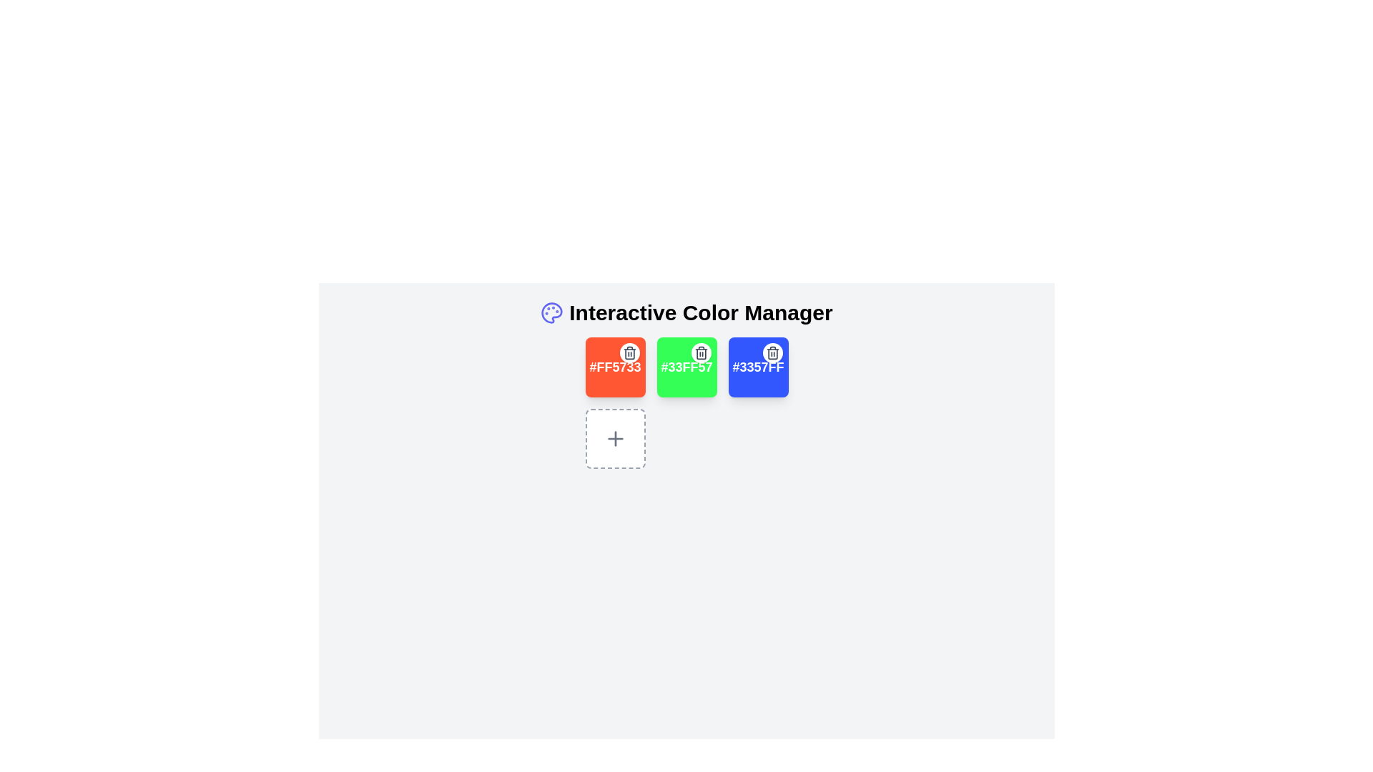 Image resolution: width=1373 pixels, height=772 pixels. I want to click on the 'Interactive Color Manager' header, which is styled with bold text and a large font size, located at the top center of the interface, so click(686, 312).